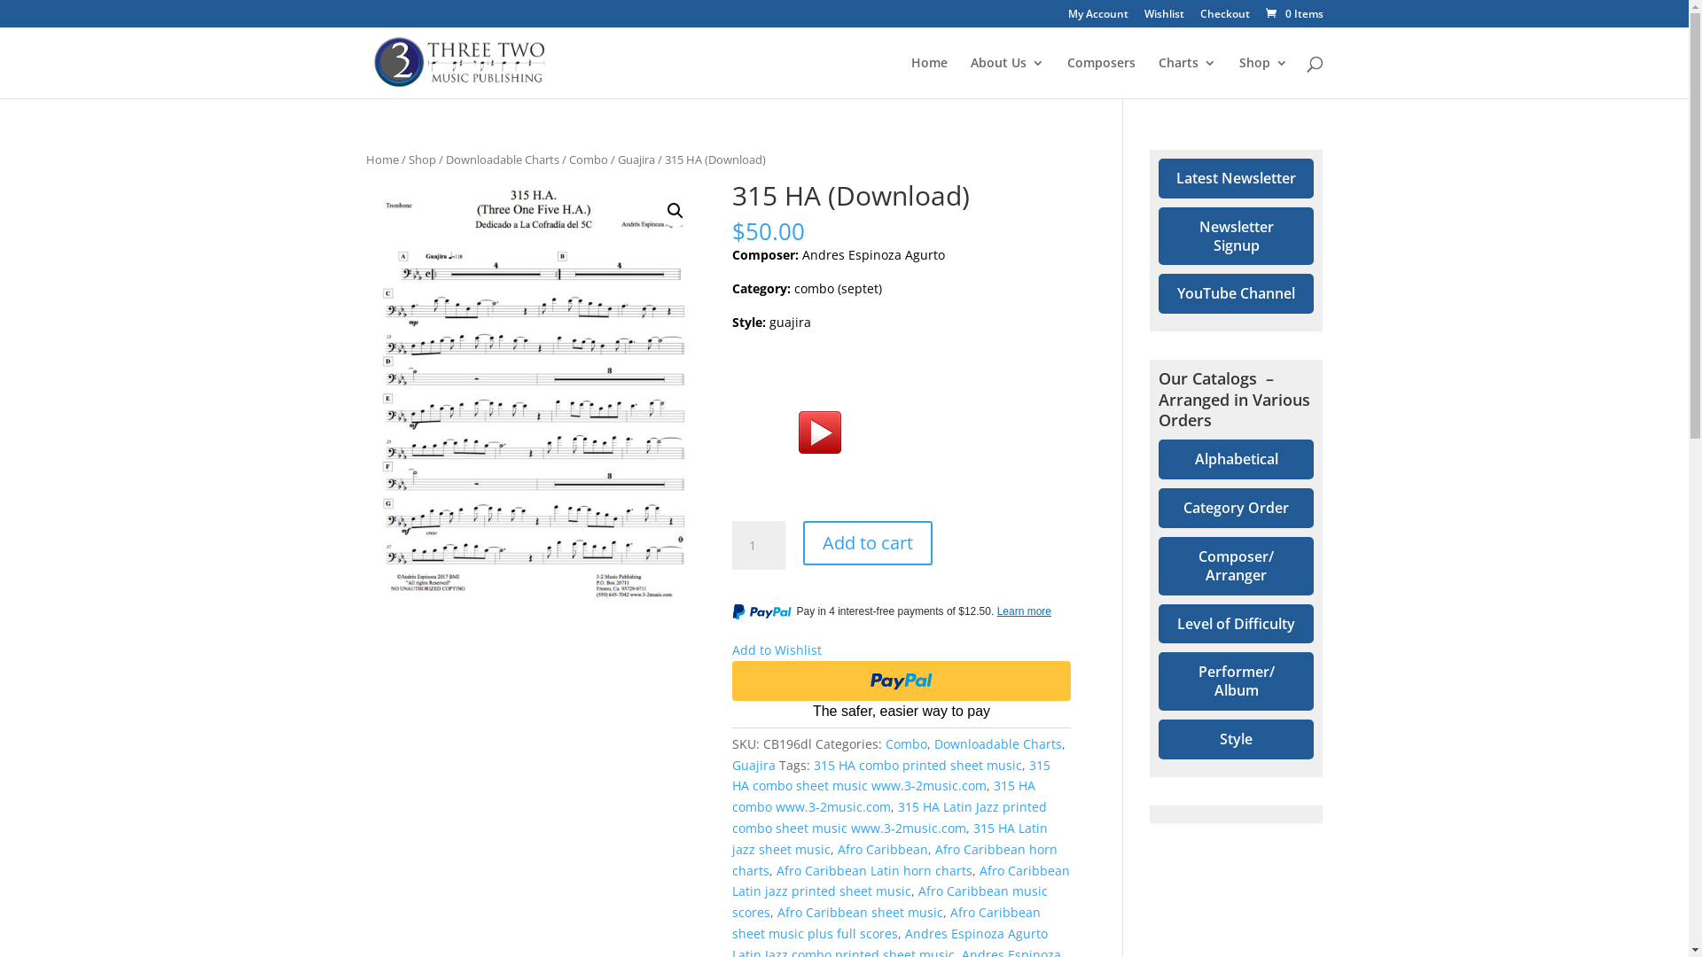 This screenshot has height=957, width=1702. What do you see at coordinates (588, 159) in the screenshot?
I see `'Combo'` at bounding box center [588, 159].